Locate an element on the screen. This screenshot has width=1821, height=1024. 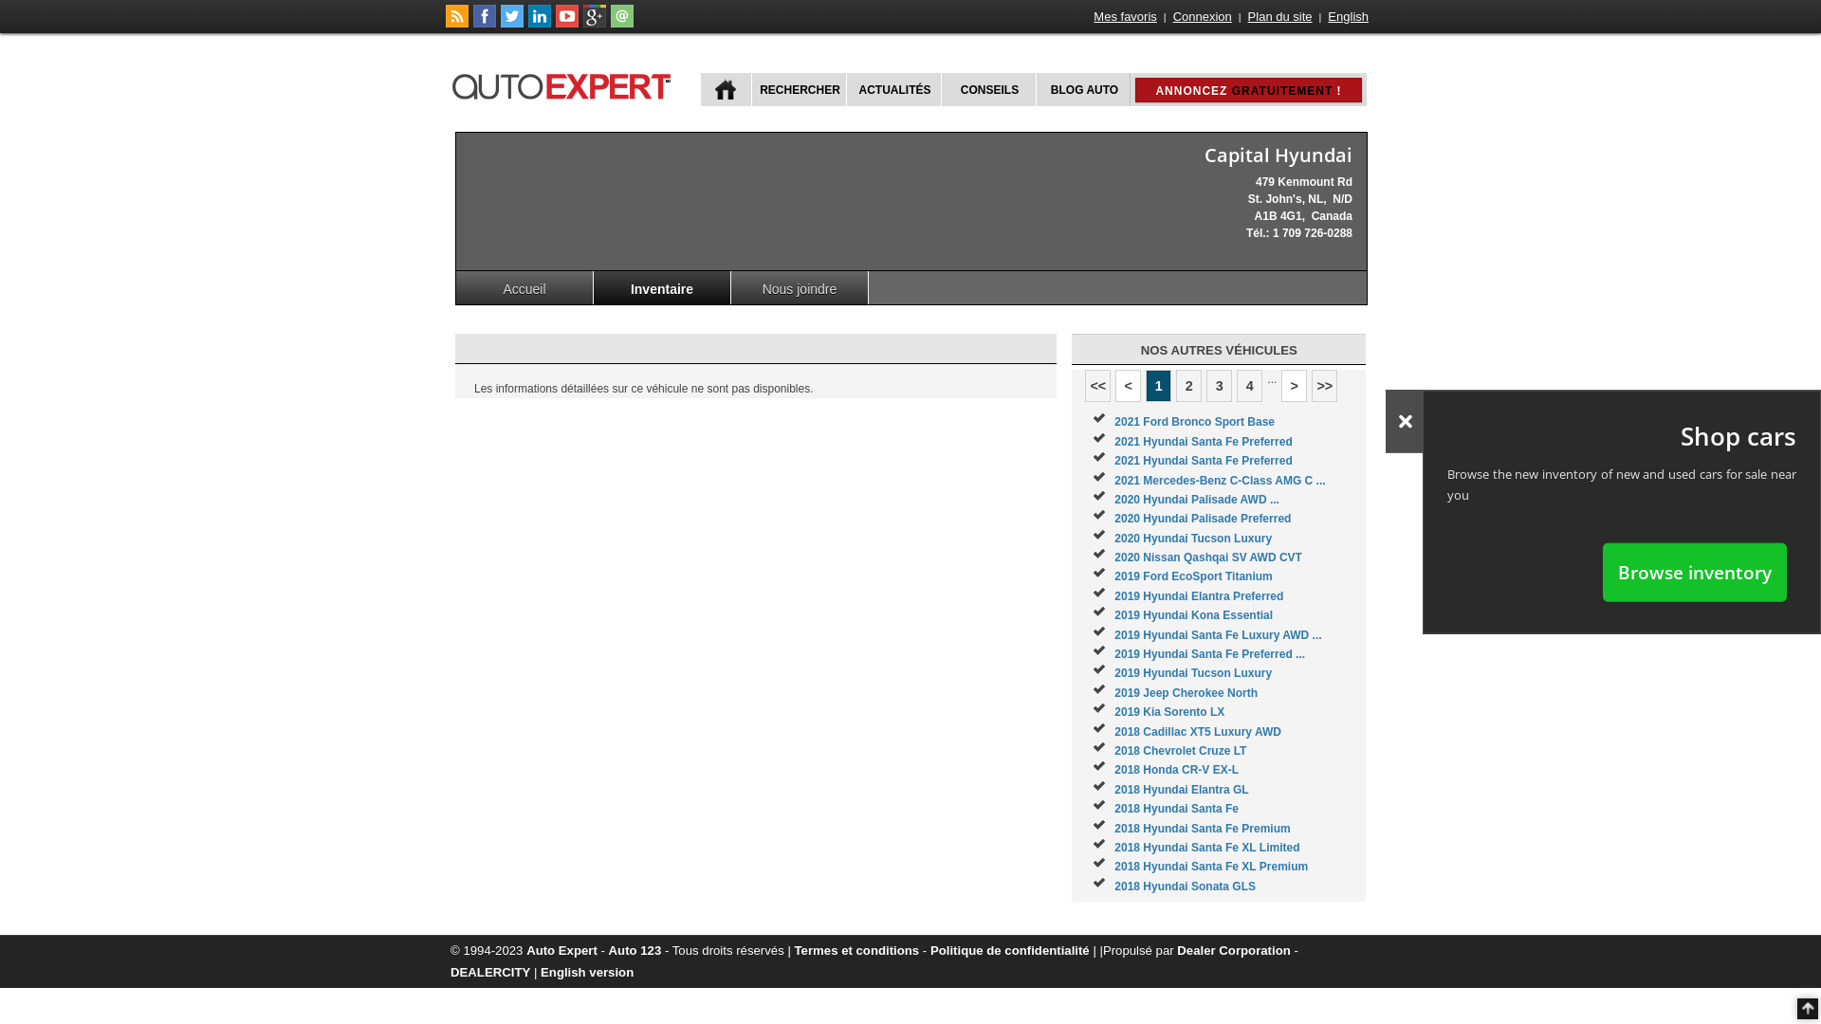
'autoExpert.ca' is located at coordinates (563, 82).